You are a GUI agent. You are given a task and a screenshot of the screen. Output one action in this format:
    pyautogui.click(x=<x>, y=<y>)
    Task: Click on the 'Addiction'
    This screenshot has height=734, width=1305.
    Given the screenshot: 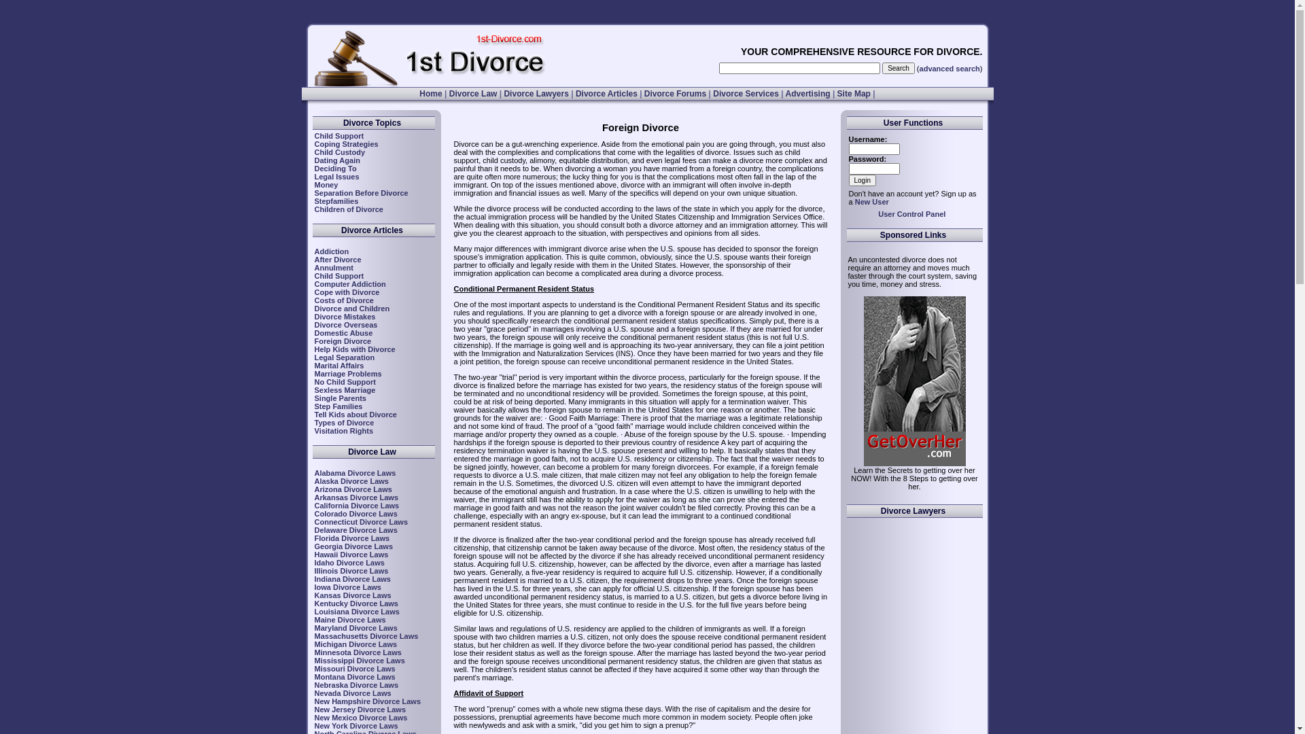 What is the action you would take?
    pyautogui.click(x=331, y=251)
    